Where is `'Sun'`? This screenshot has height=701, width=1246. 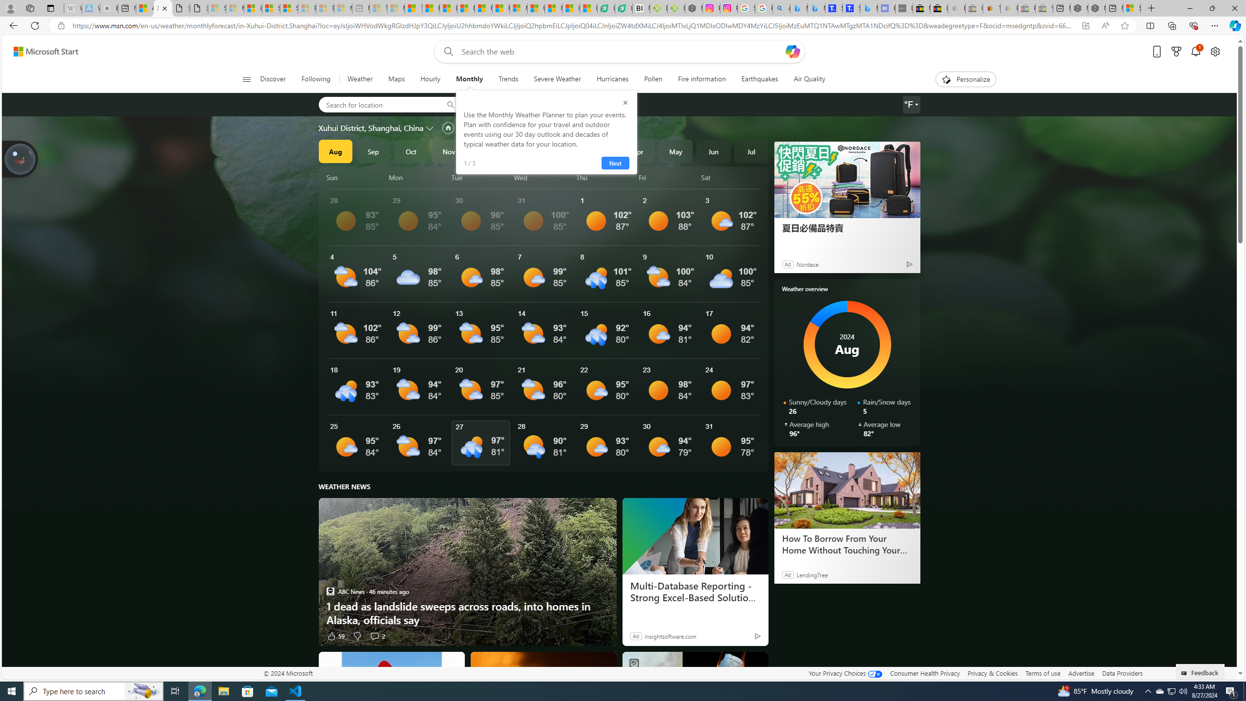
'Sun' is located at coordinates (356, 177).